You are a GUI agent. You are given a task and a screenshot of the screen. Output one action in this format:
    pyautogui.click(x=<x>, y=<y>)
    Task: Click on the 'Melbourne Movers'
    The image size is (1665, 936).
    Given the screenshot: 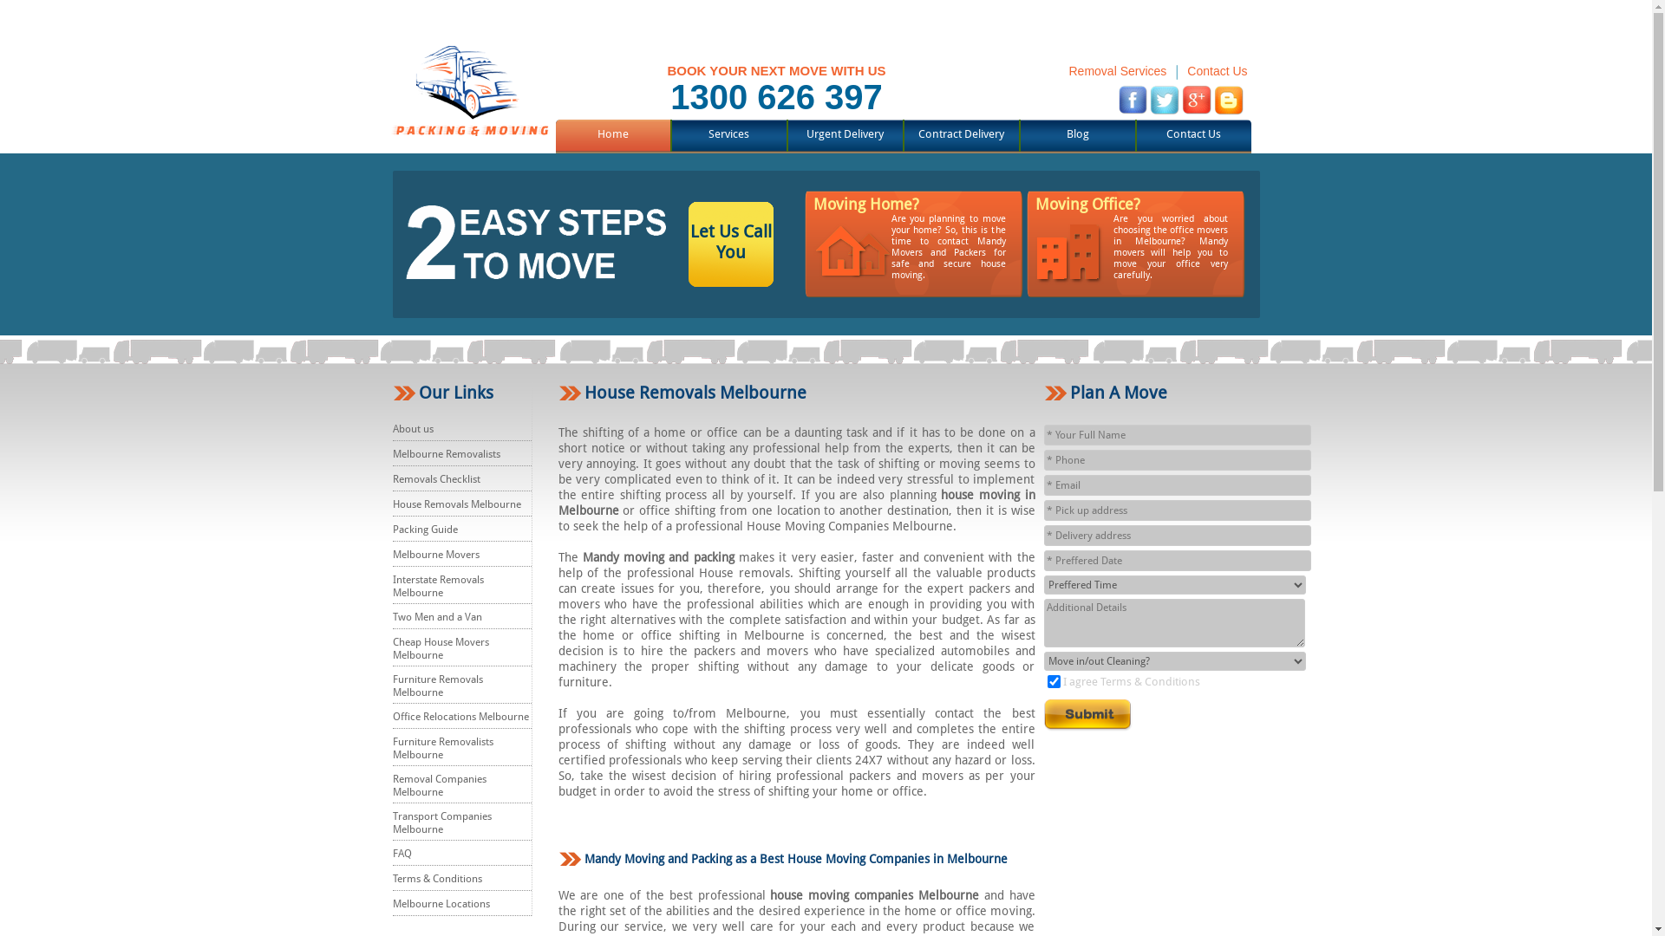 What is the action you would take?
    pyautogui.click(x=435, y=555)
    